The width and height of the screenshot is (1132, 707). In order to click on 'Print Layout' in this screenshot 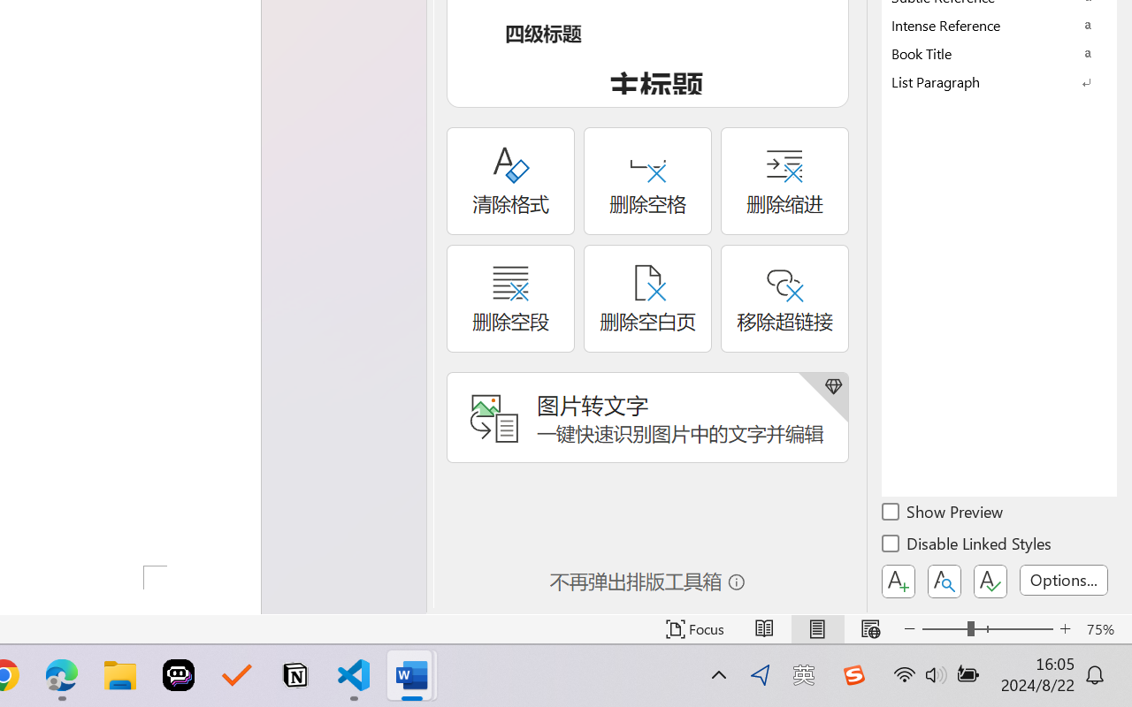, I will do `click(816, 628)`.